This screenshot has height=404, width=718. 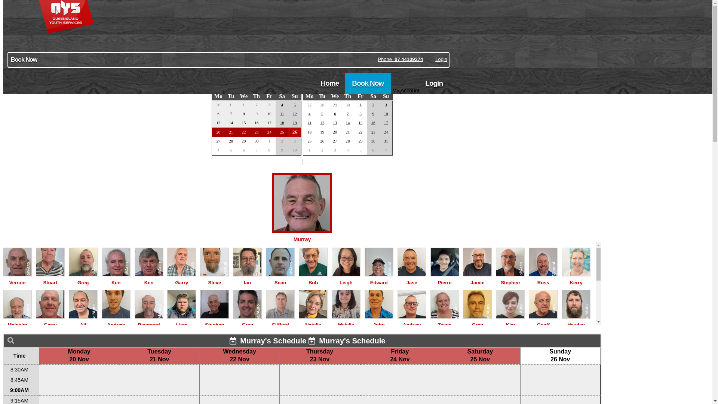 I want to click on '5', so click(x=360, y=150).